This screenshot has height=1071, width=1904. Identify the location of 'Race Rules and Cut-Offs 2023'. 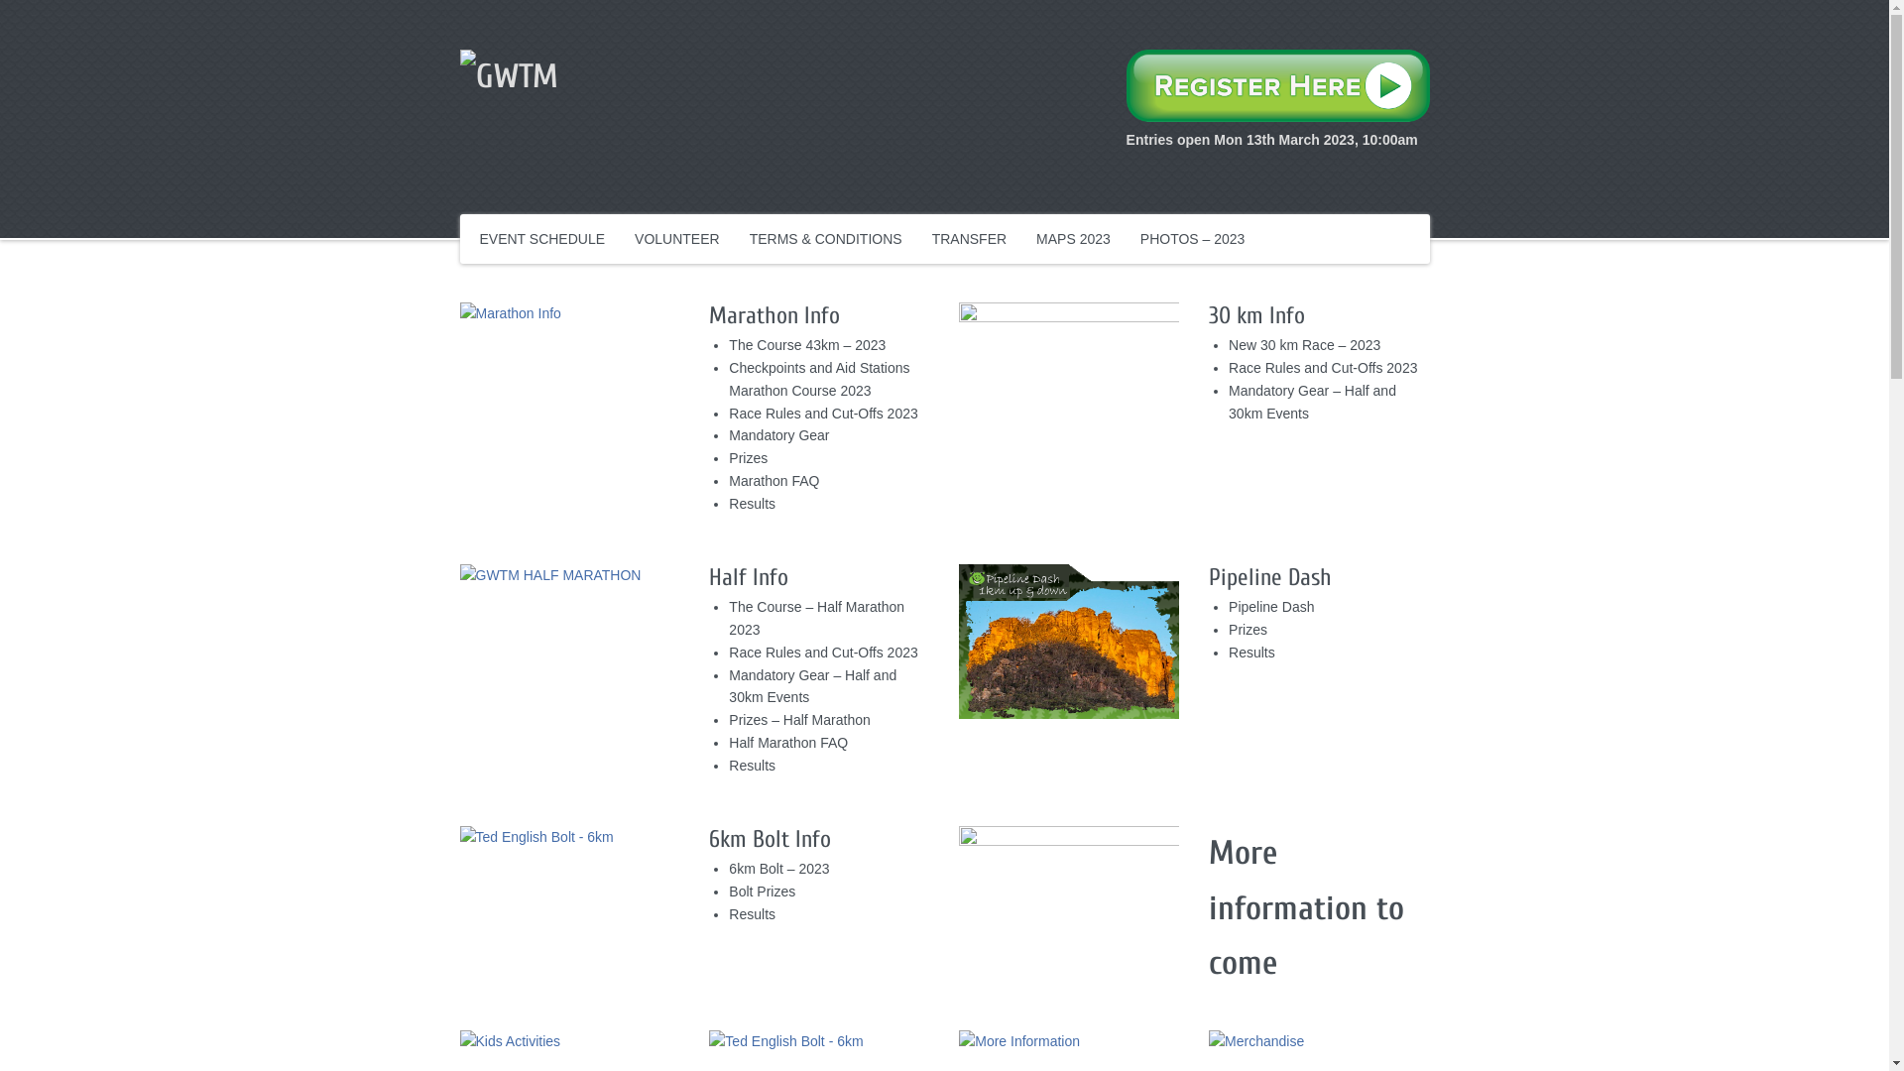
(1323, 367).